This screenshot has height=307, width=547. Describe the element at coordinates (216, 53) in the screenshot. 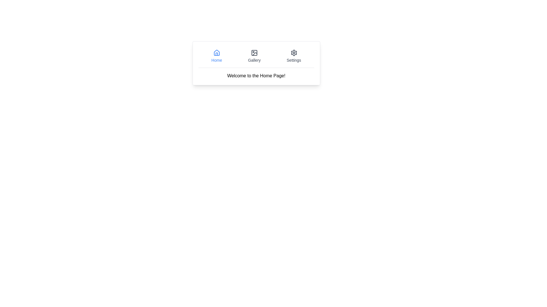

I see `the 'Home' icon located at the leftmost position among its siblings` at that location.